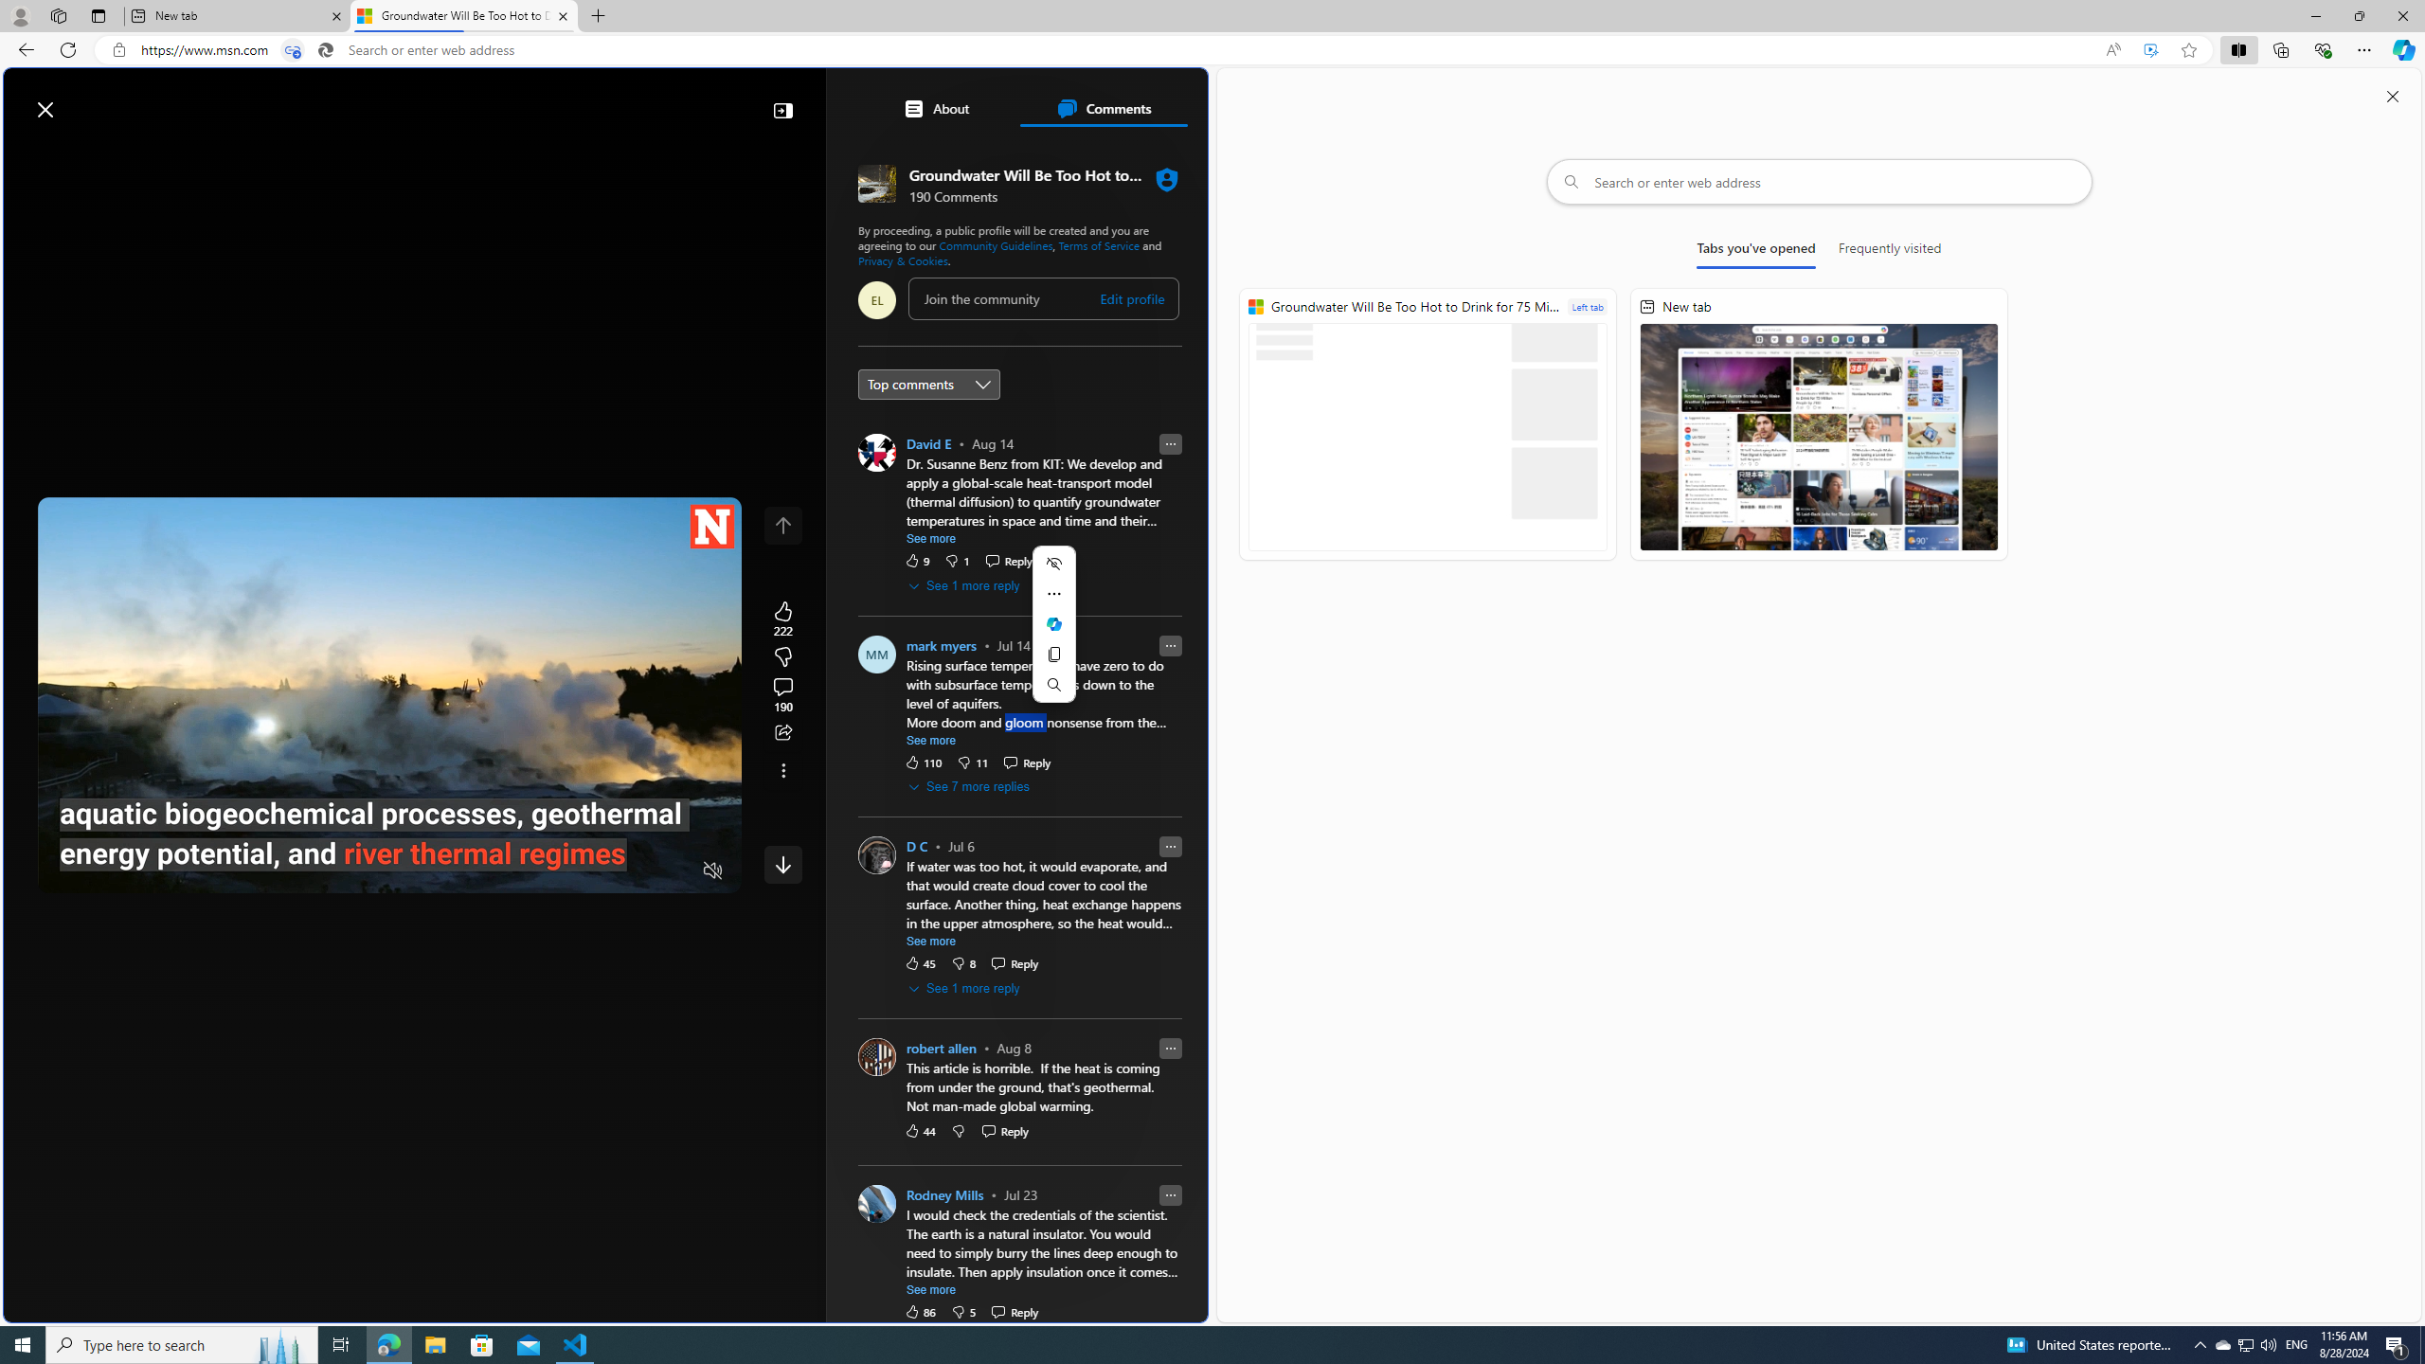 The width and height of the screenshot is (2425, 1364). I want to click on 'Profile Picture', so click(876, 1202).